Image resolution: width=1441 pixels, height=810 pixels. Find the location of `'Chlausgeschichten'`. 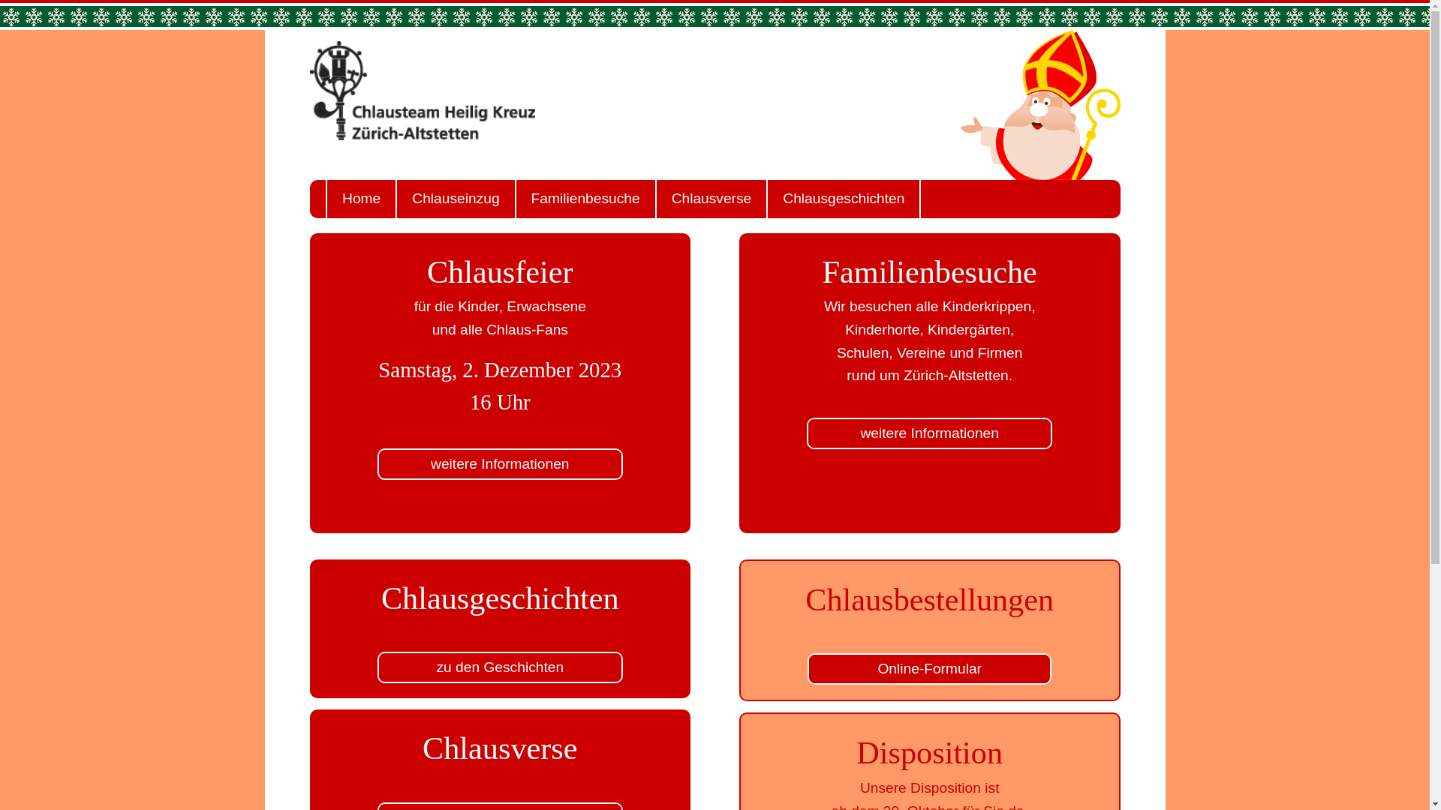

'Chlausgeschichten' is located at coordinates (843, 198).